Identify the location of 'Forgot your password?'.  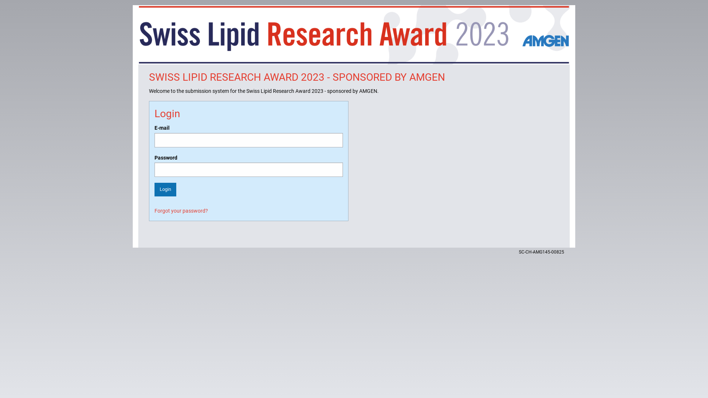
(181, 211).